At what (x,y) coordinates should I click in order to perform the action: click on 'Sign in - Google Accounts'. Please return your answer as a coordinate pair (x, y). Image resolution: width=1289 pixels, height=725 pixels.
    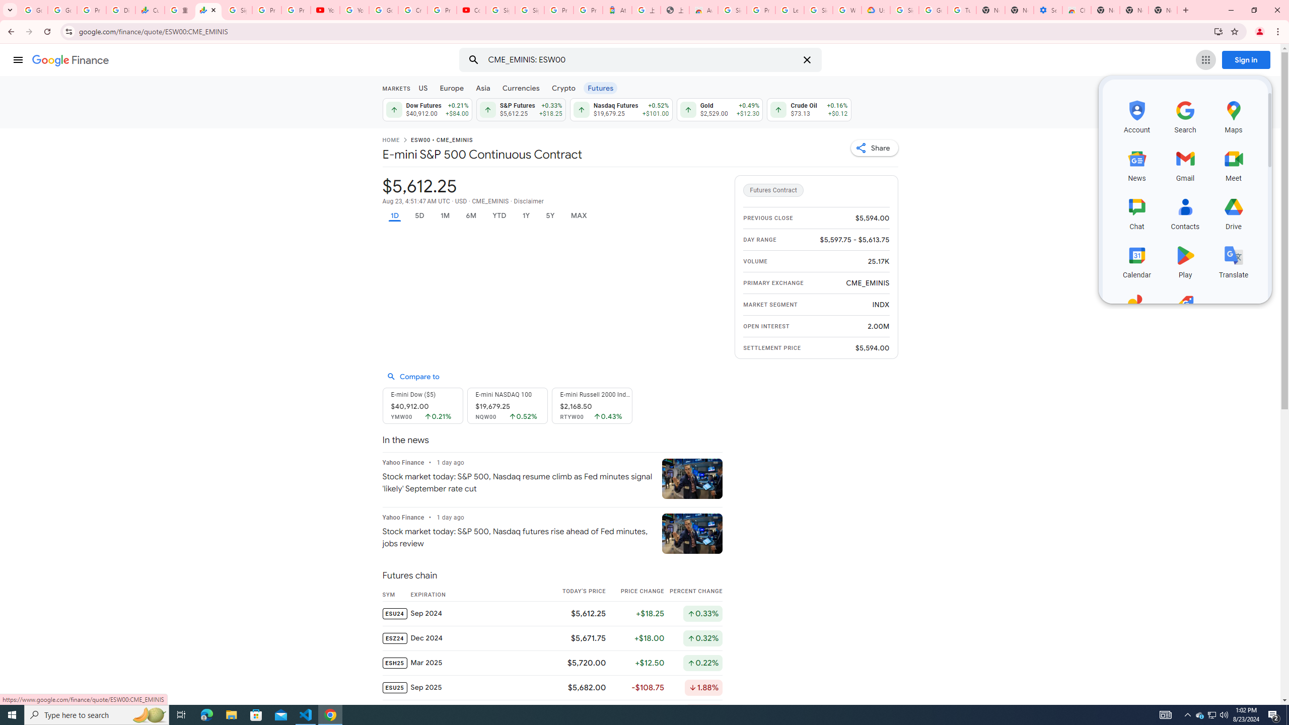
    Looking at the image, I should click on (818, 10).